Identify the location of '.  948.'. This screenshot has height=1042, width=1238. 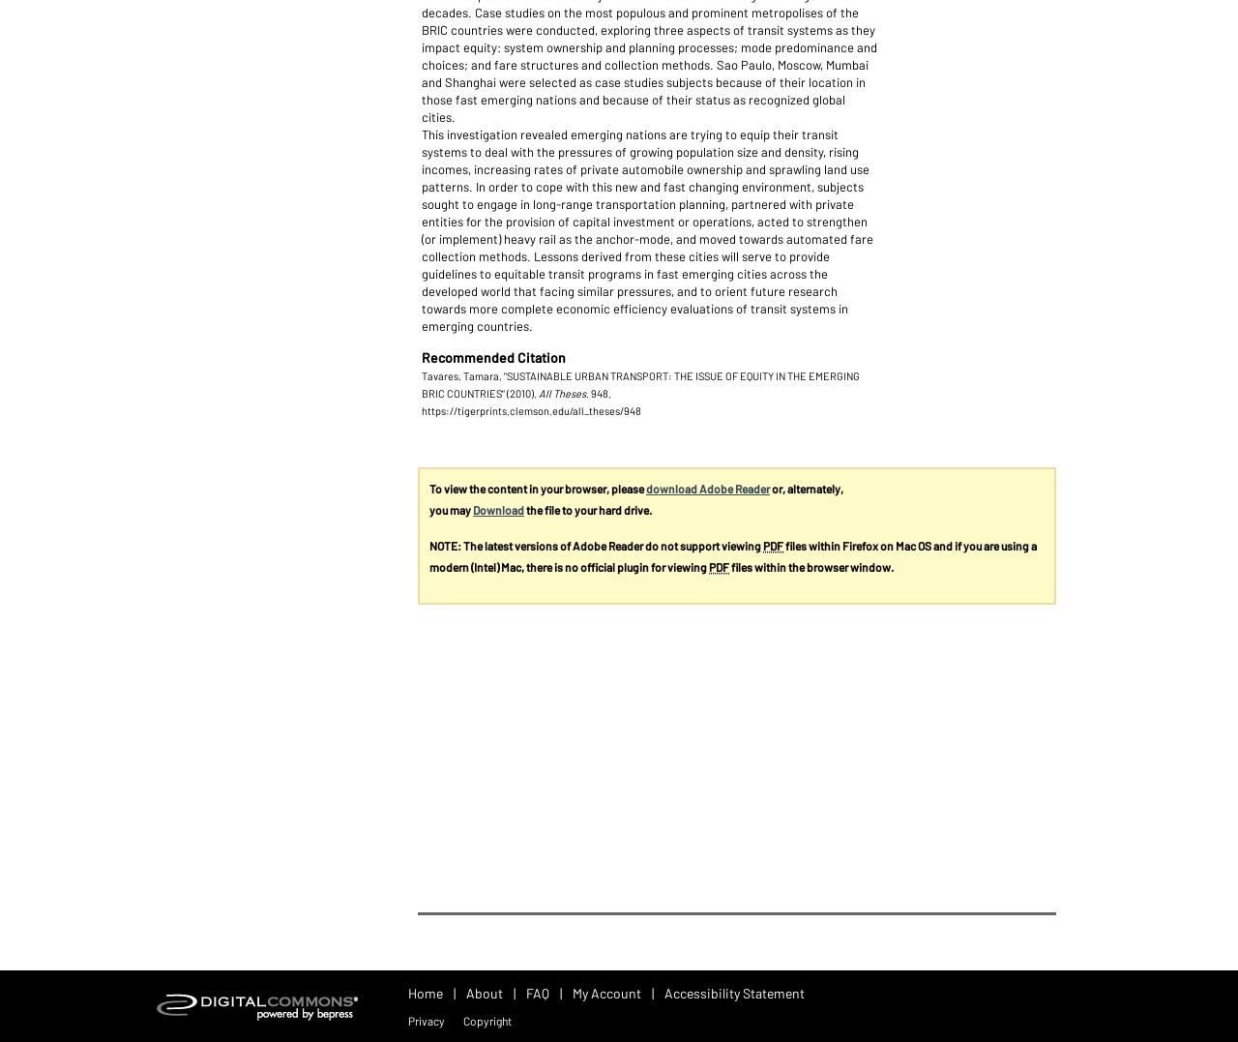
(598, 393).